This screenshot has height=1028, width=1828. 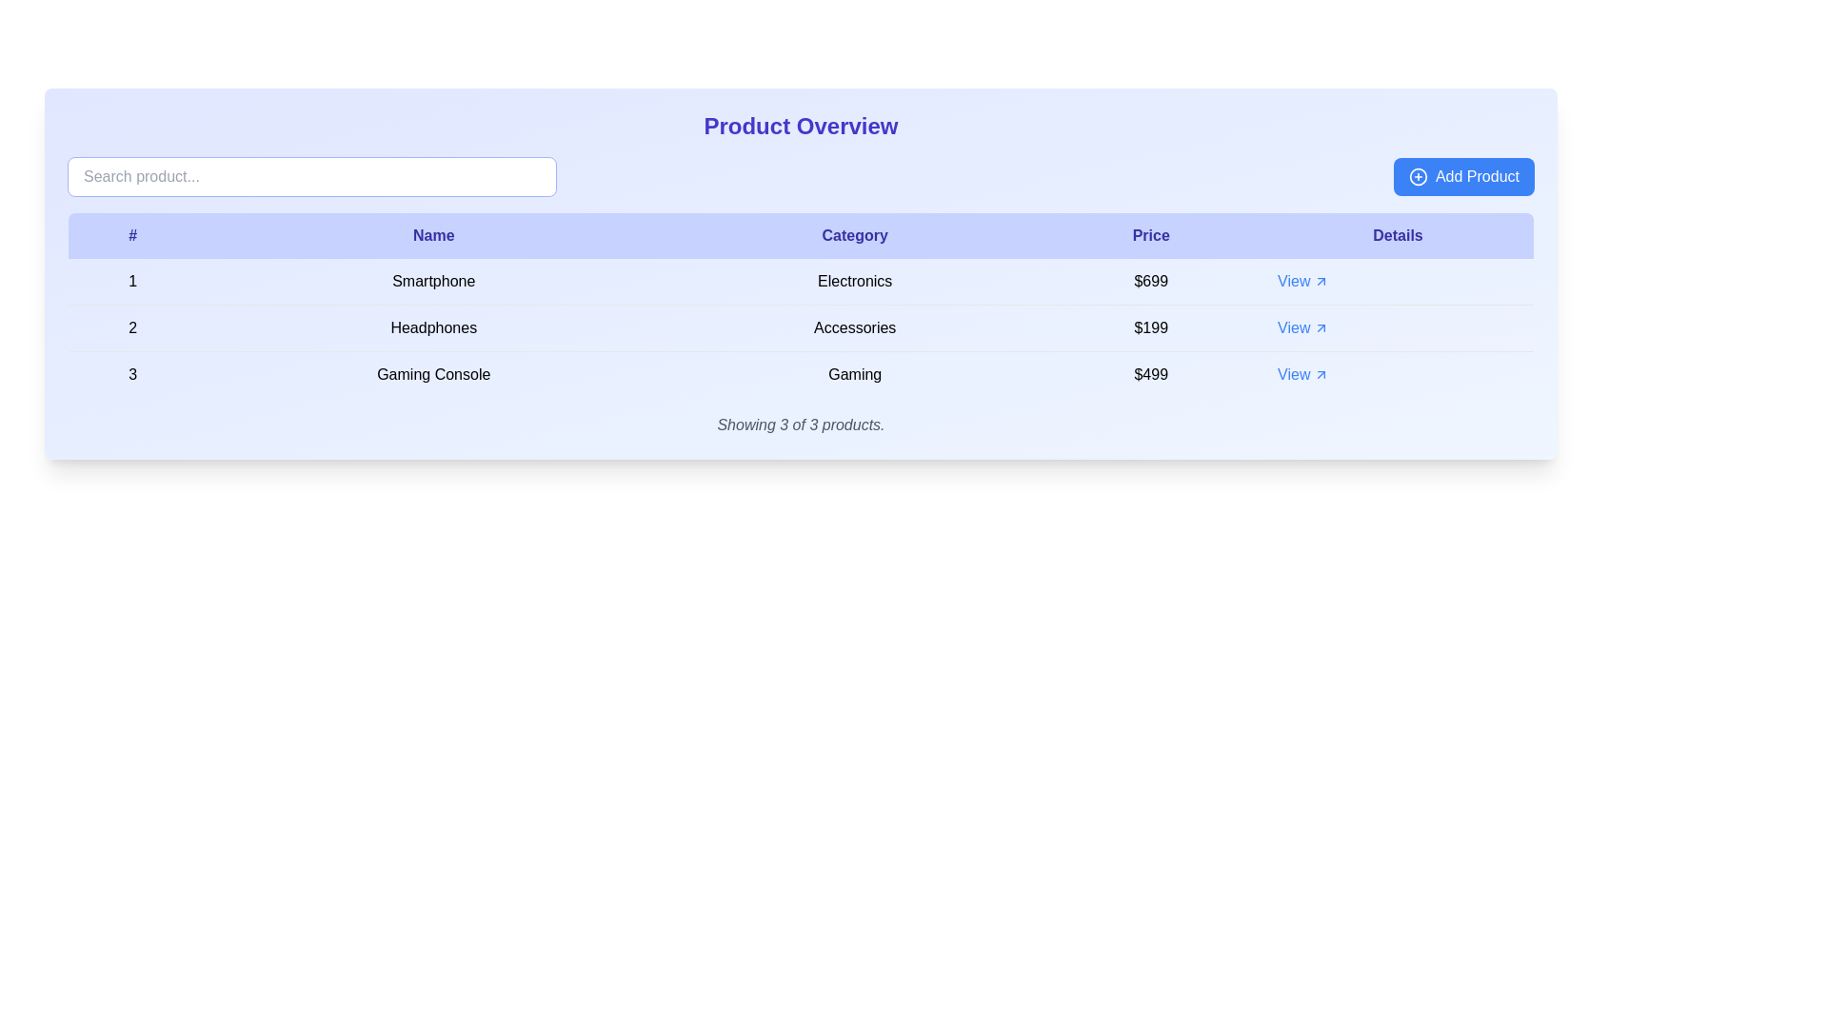 What do you see at coordinates (854, 326) in the screenshot?
I see `the label that provides category information for the second product entry in the table, located in the 'Category' column under 'Headphones'` at bounding box center [854, 326].